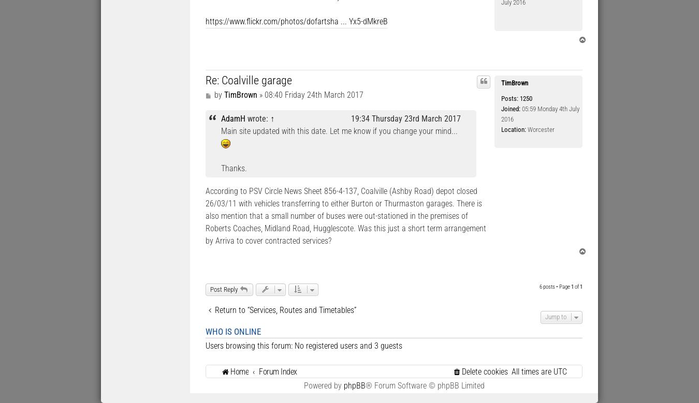  I want to click on 'UTC', so click(560, 370).